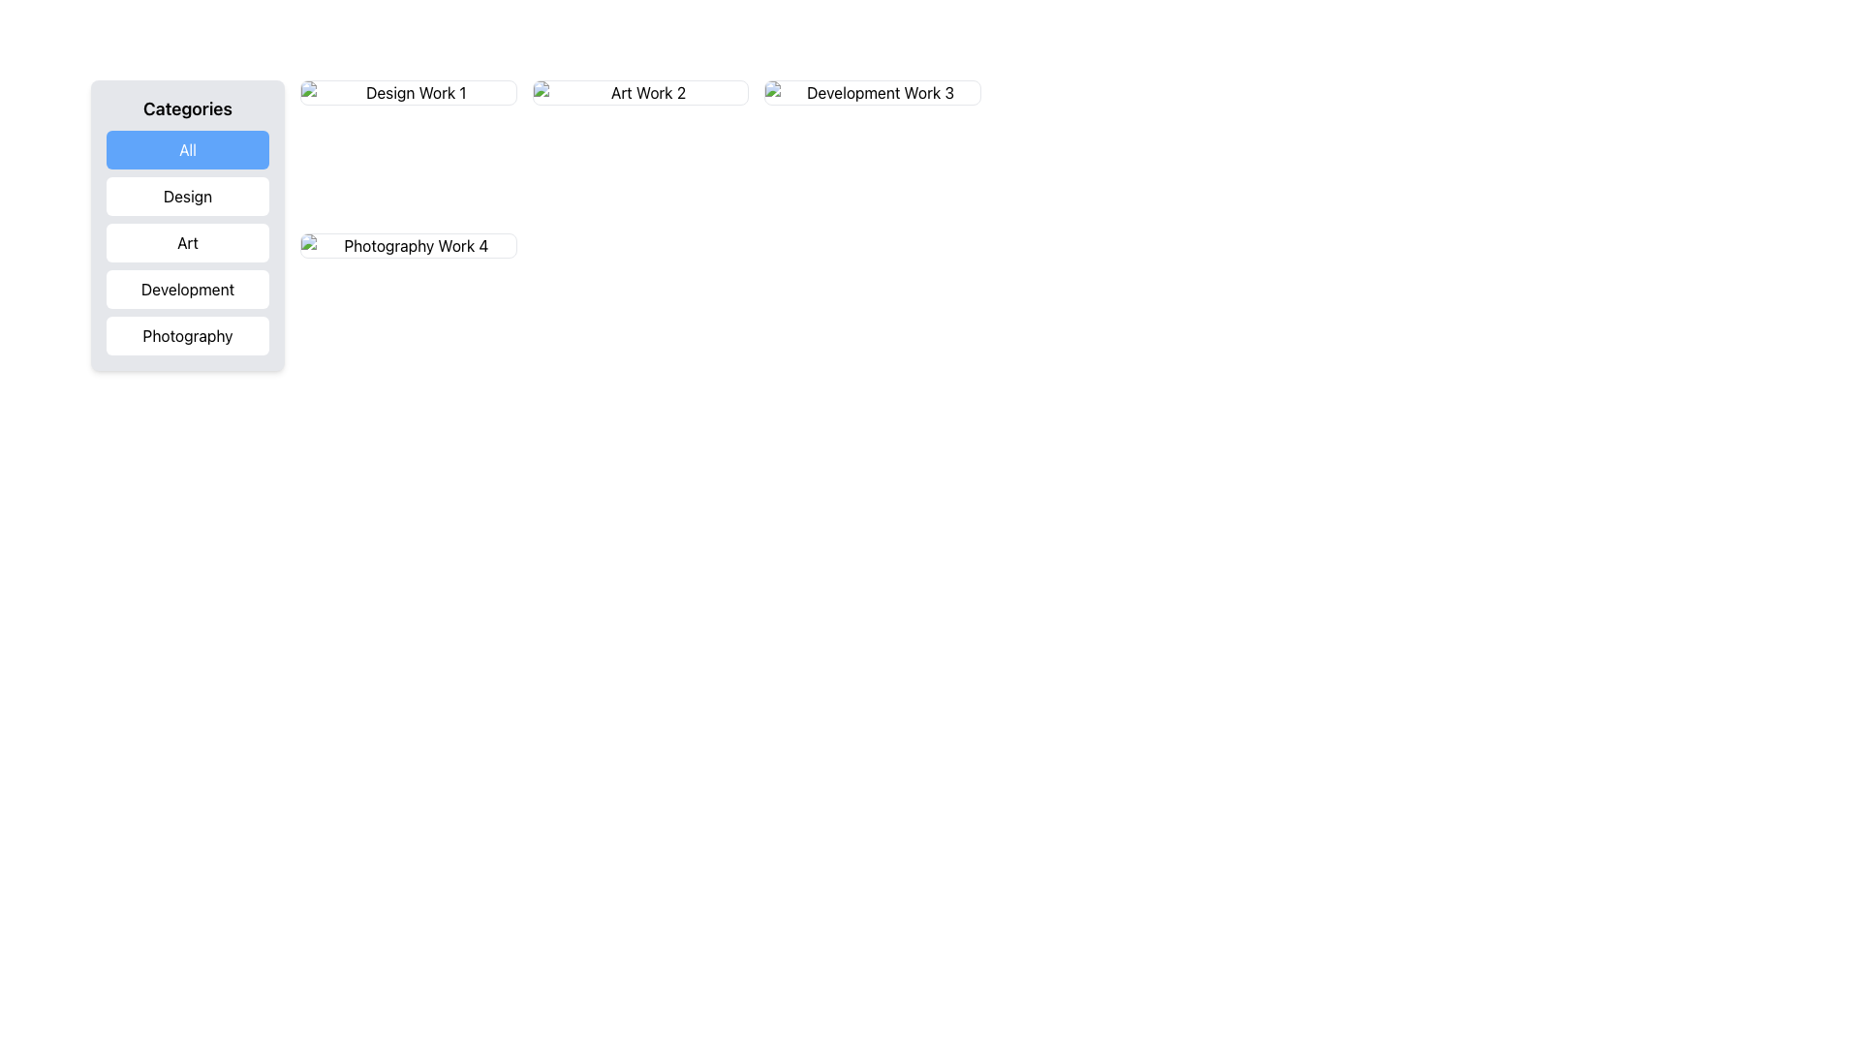 This screenshot has height=1046, width=1860. I want to click on the non-interactive thumbnail representing 'Photography Work 4', which is located in the middle of the page below 'Design Work 1', 'Art Work 2', and 'Development Work 3', so click(407, 245).